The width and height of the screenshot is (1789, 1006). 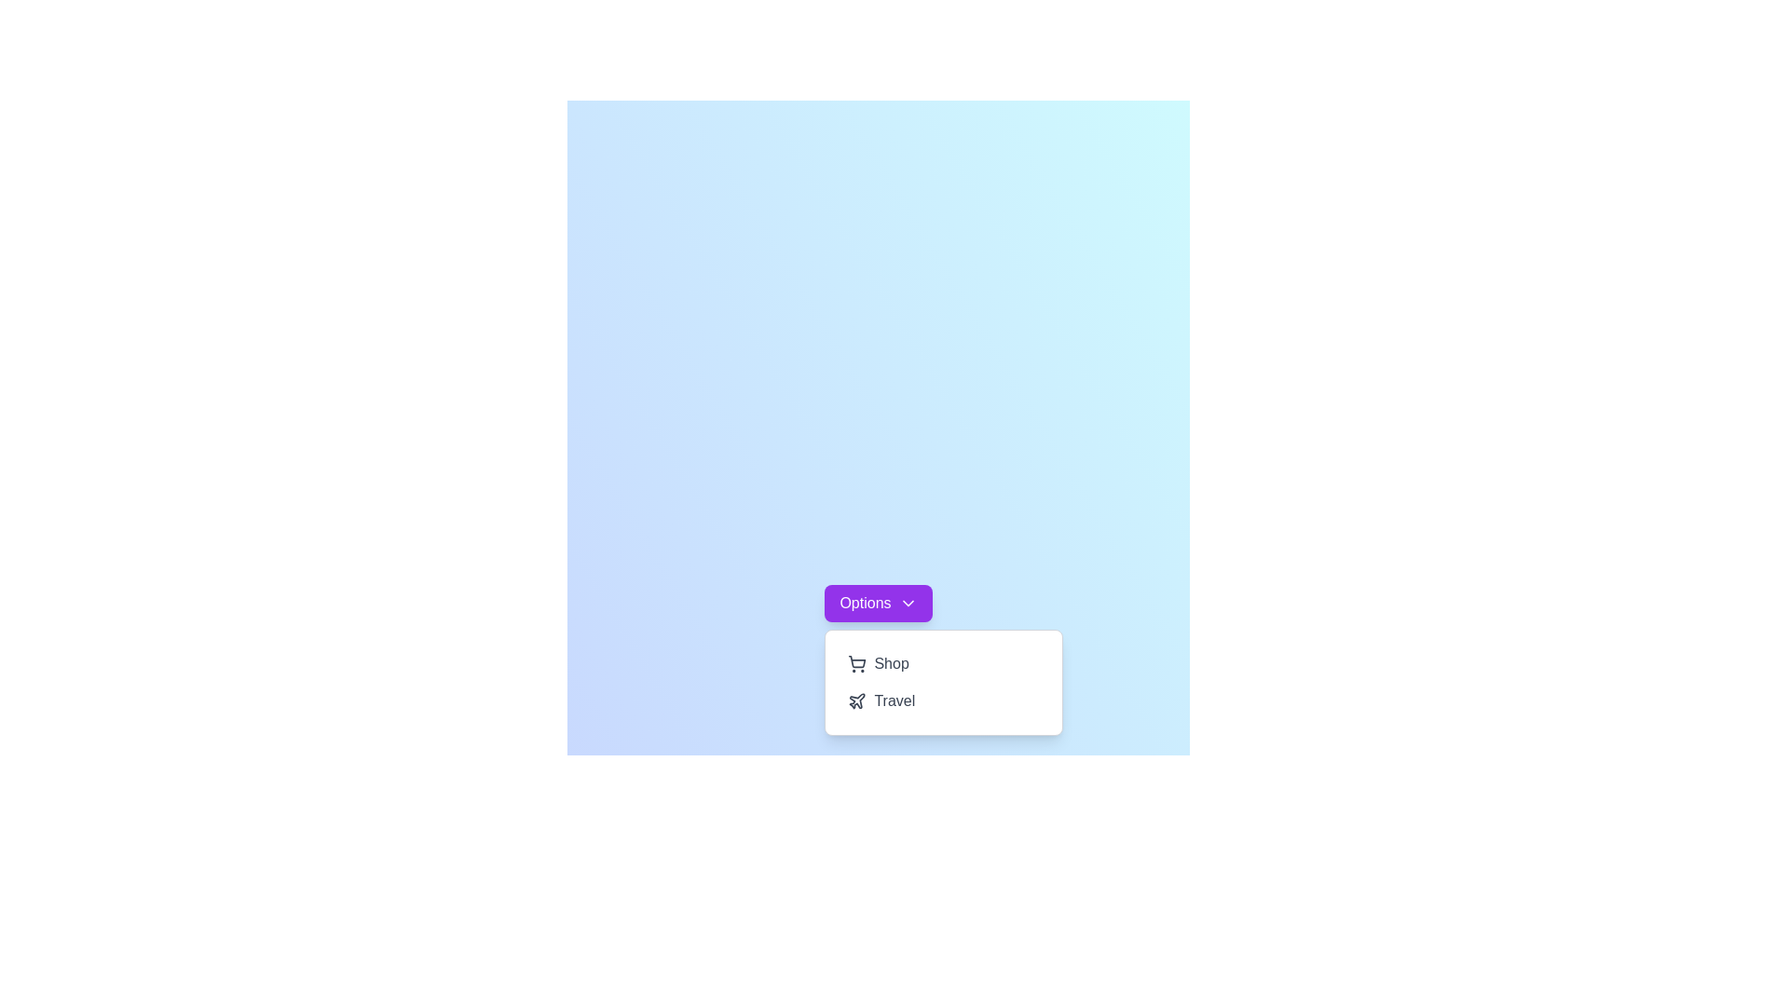 I want to click on the dropdown panel containing selectable options with 'Shop' and 'Travel', so click(x=944, y=682).